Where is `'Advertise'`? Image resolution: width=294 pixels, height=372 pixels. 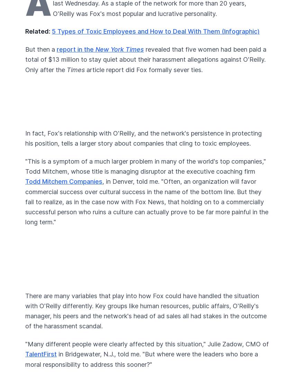
'Advertise' is located at coordinates (135, 254).